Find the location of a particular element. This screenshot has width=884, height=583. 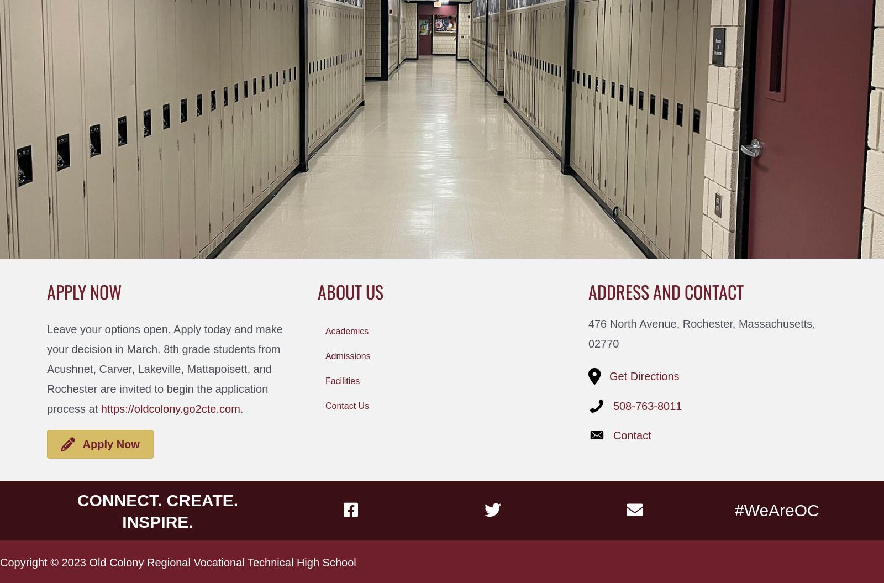

'Contact' is located at coordinates (632, 434).